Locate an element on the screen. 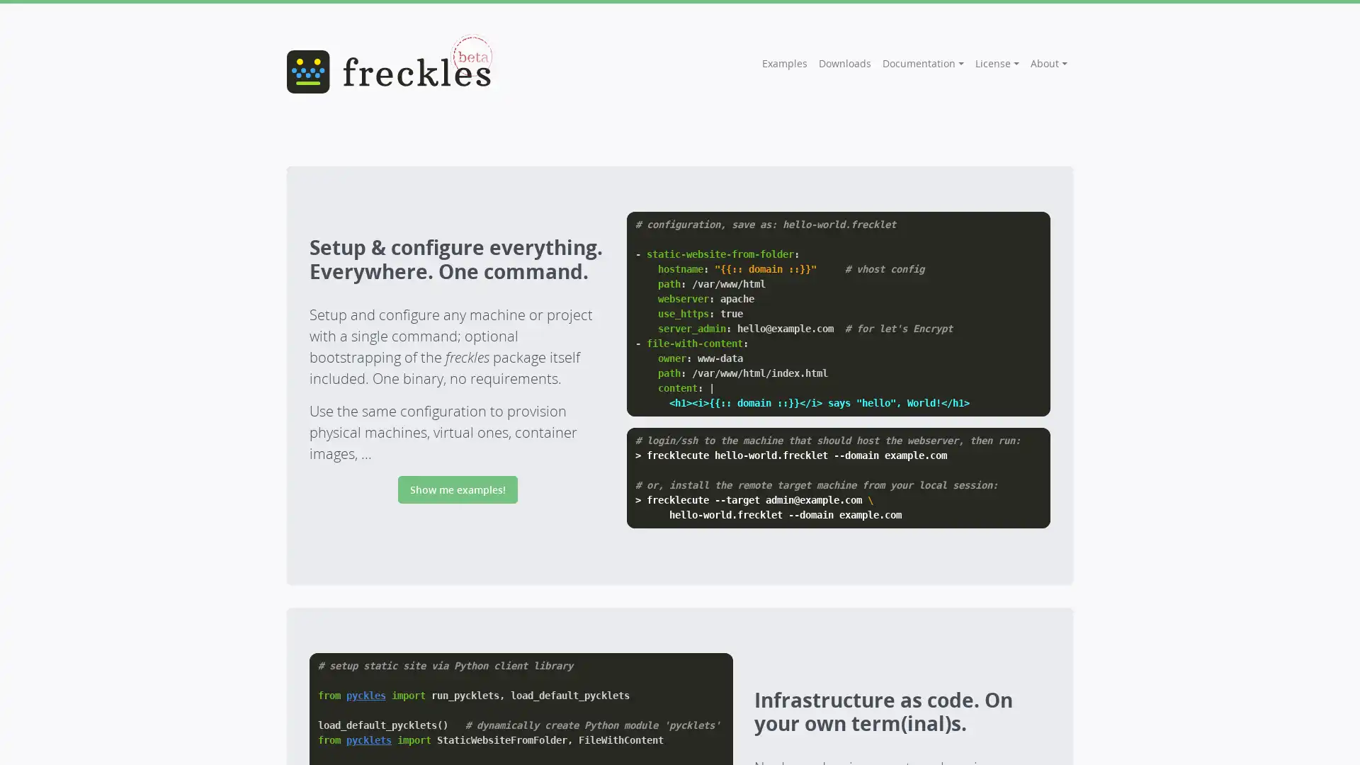  License is located at coordinates (996, 62).